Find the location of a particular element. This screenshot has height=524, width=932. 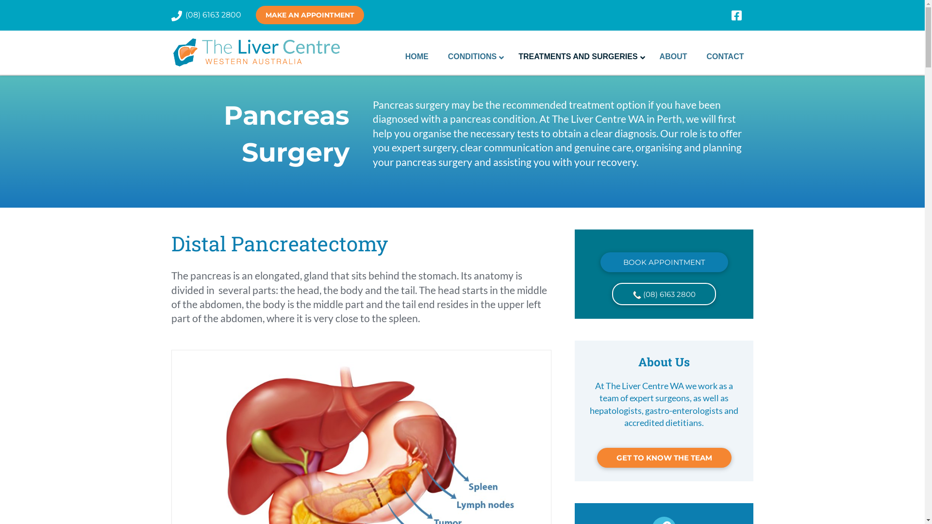

'(08) 6163 2800' is located at coordinates (664, 293).